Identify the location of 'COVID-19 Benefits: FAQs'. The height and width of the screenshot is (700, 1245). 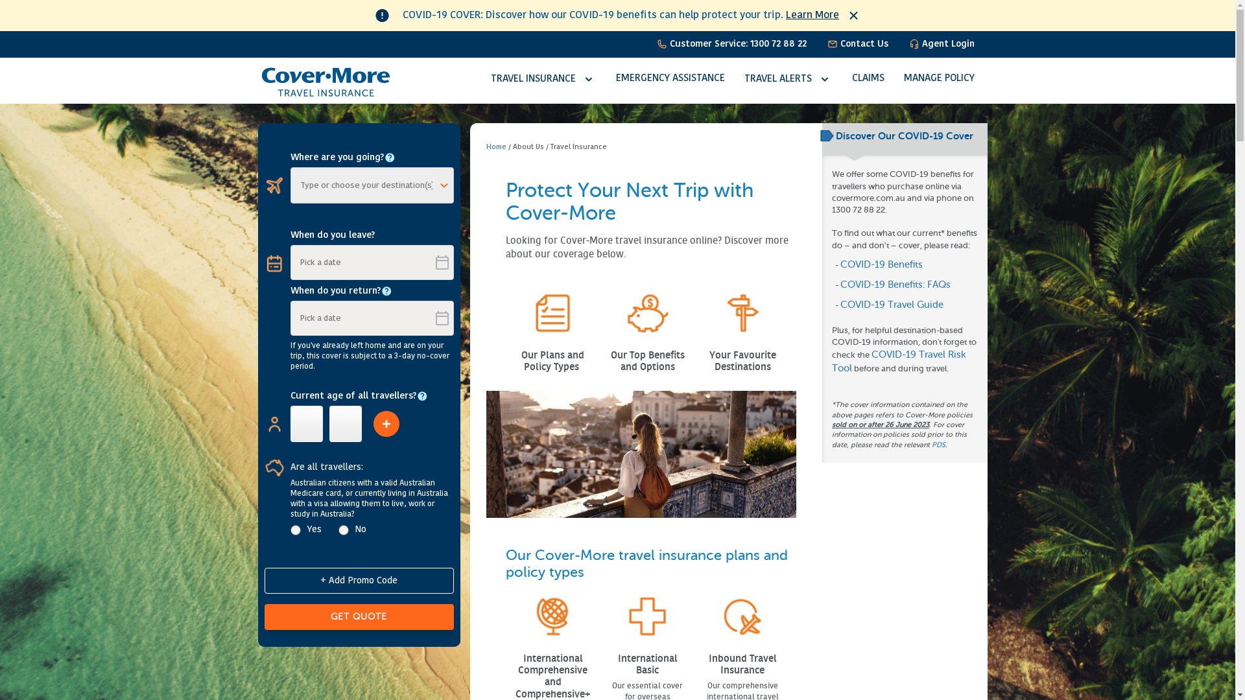
(895, 284).